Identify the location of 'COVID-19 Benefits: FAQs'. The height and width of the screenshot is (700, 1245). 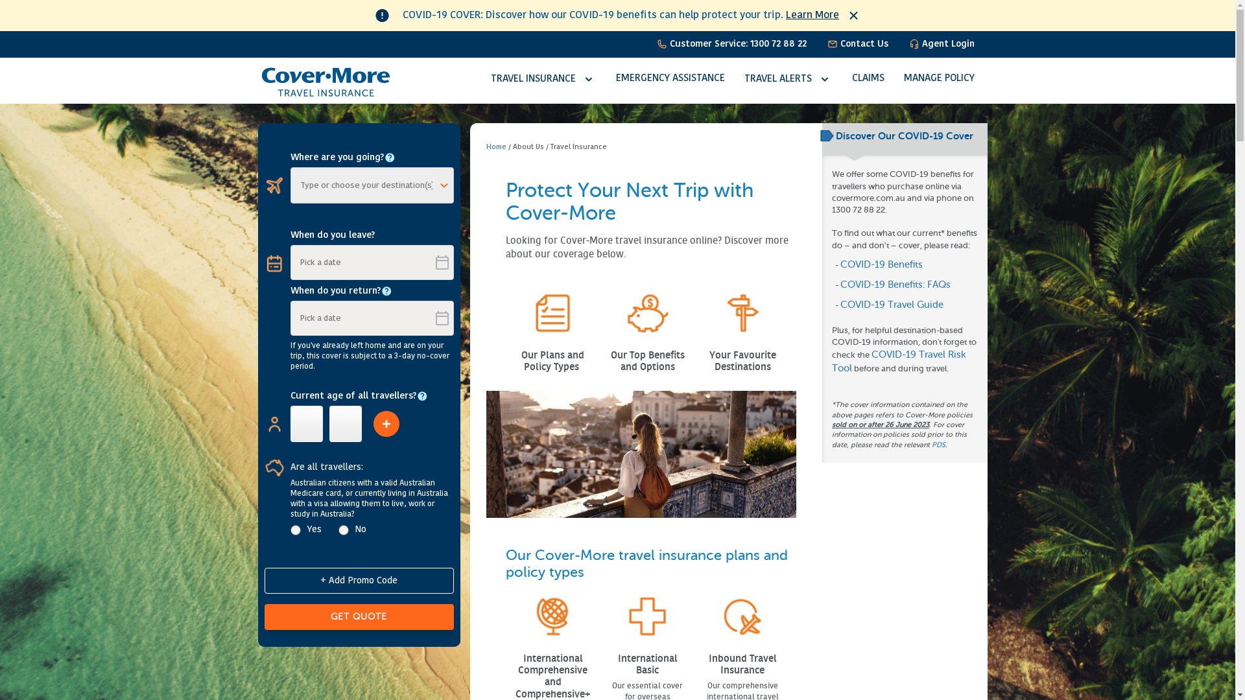
(895, 284).